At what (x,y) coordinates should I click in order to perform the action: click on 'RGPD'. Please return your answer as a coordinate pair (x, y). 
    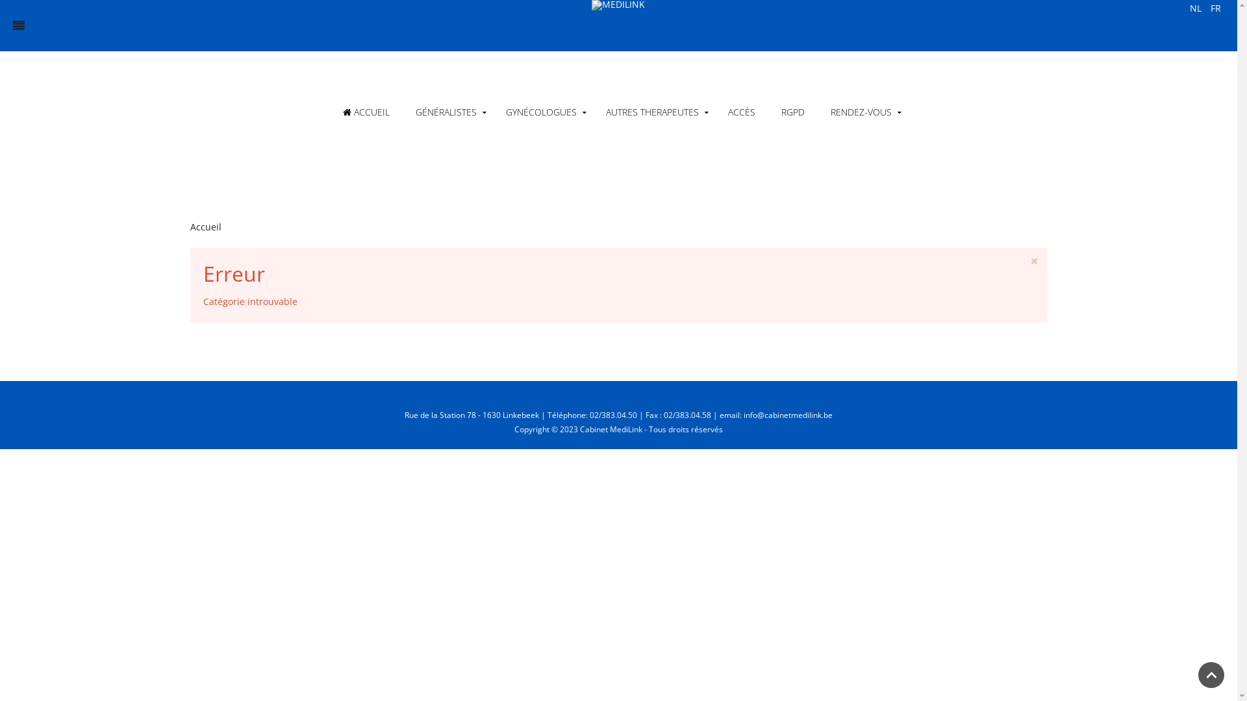
    Looking at the image, I should click on (791, 112).